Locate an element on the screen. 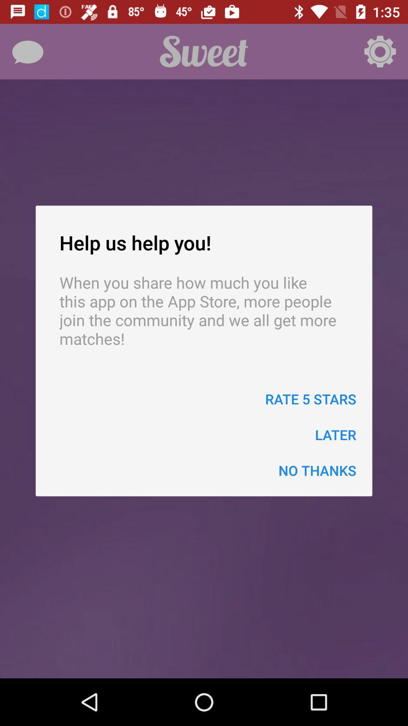 The width and height of the screenshot is (408, 726). rate 5 stars item is located at coordinates (311, 399).